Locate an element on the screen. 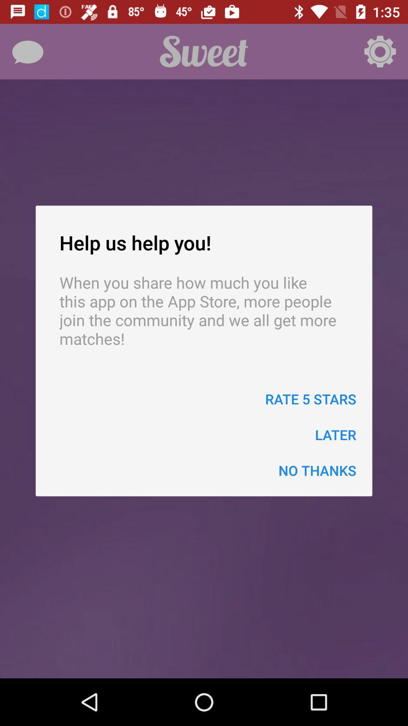 The width and height of the screenshot is (408, 726). rate 5 stars item is located at coordinates (311, 399).